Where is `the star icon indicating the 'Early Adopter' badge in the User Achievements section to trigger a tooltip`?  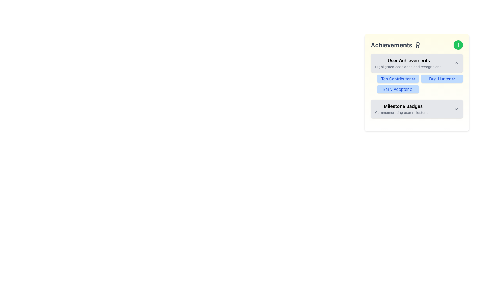 the star icon indicating the 'Early Adopter' badge in the User Achievements section to trigger a tooltip is located at coordinates (411, 89).